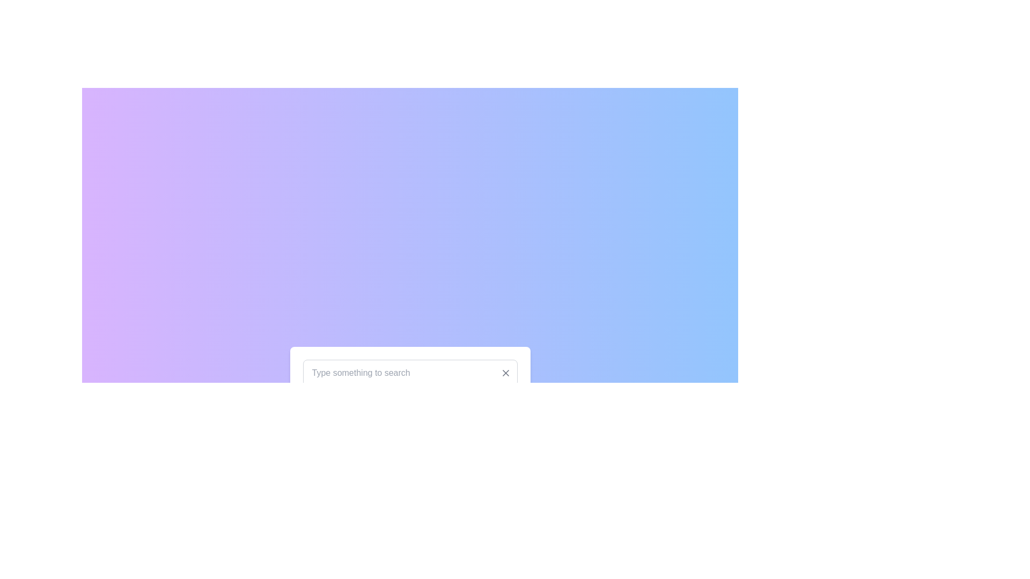  Describe the element at coordinates (505, 372) in the screenshot. I see `the small diagonal cross ('X') icon, which is located in the top-right corner of the search input field that has placeholder text 'Type something to search.'` at that location.